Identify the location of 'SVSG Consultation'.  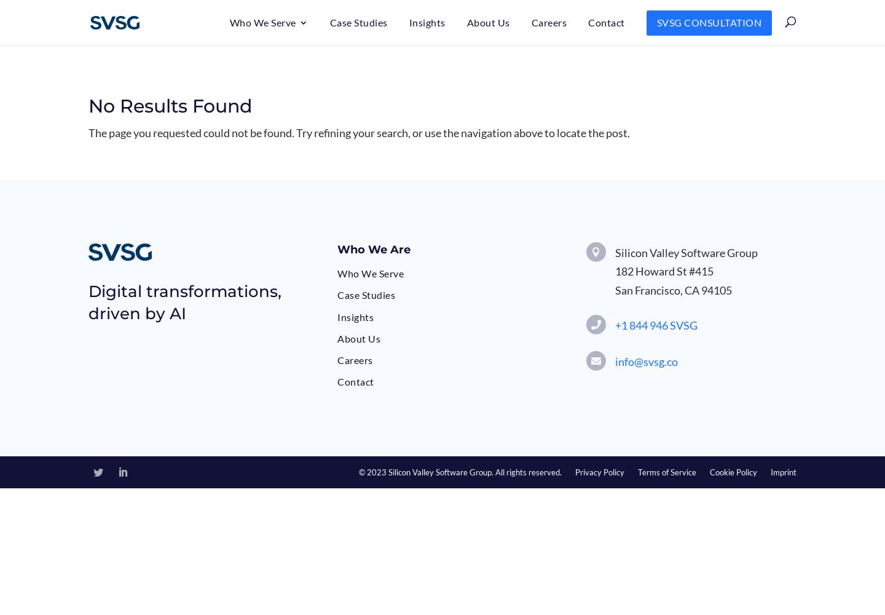
(709, 22).